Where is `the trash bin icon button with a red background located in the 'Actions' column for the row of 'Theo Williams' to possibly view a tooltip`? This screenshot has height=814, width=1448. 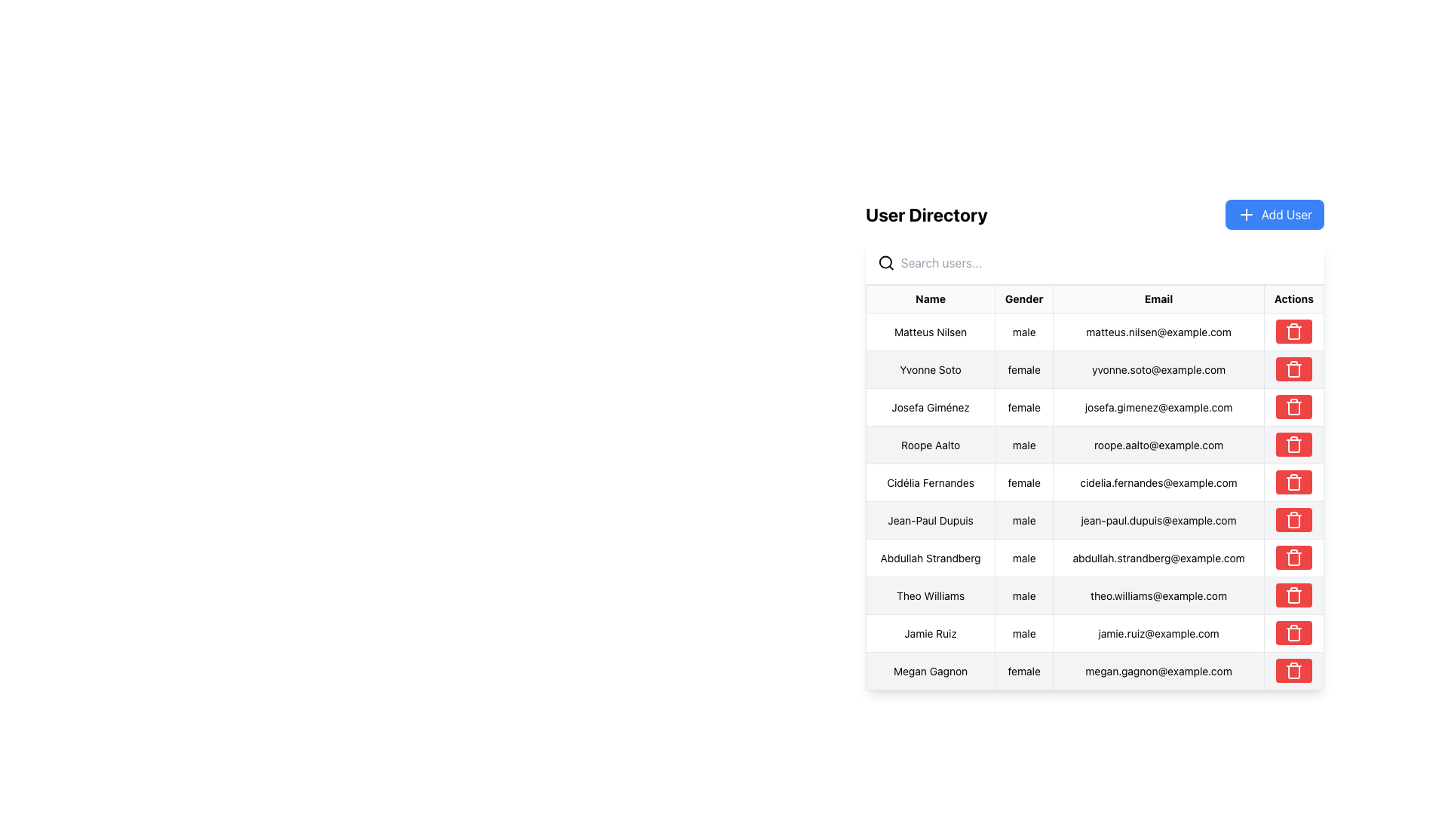
the trash bin icon button with a red background located in the 'Actions' column for the row of 'Theo Williams' to possibly view a tooltip is located at coordinates (1293, 595).